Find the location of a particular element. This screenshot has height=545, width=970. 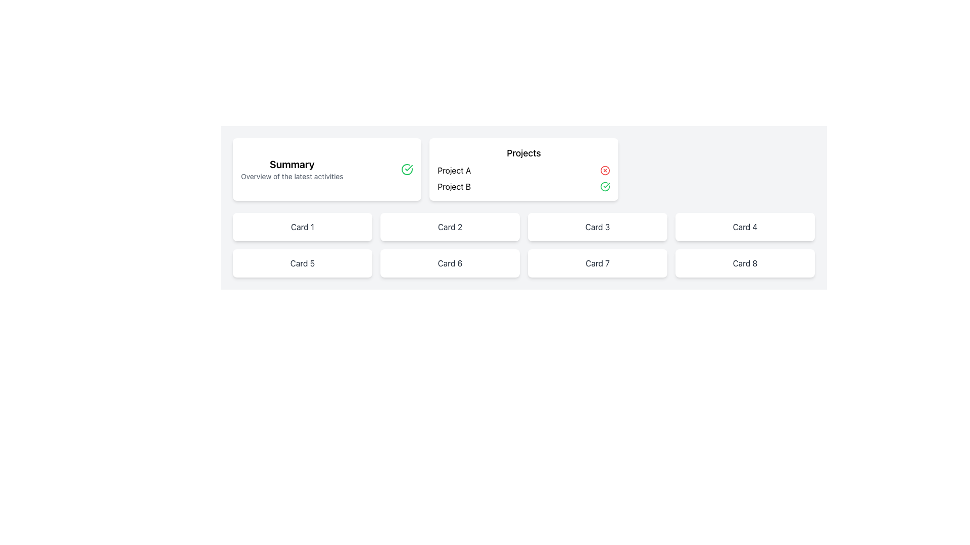

the static text label reading 'Overview of the latest activities' located within the 'Summary' card, positioned directly below the 'Summary' title is located at coordinates (292, 176).